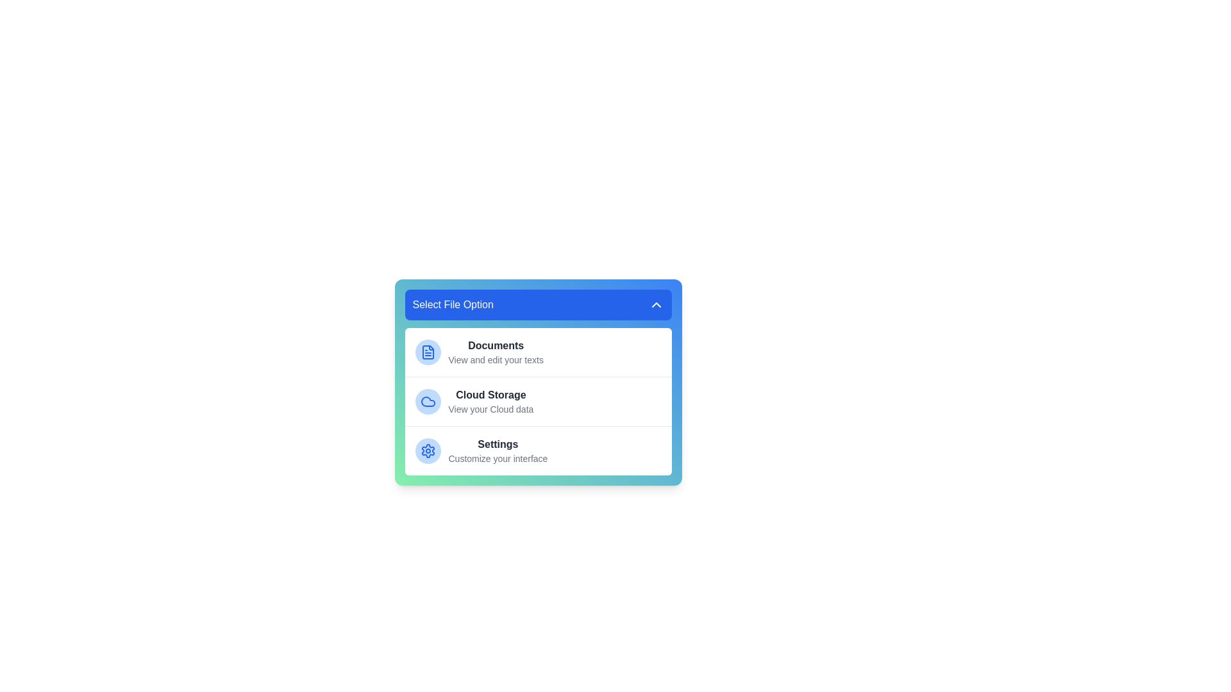 The width and height of the screenshot is (1231, 692). Describe the element at coordinates (495, 360) in the screenshot. I see `the descriptive text label for the 'Documents' section, which provides guidance for viewing and editing texts` at that location.